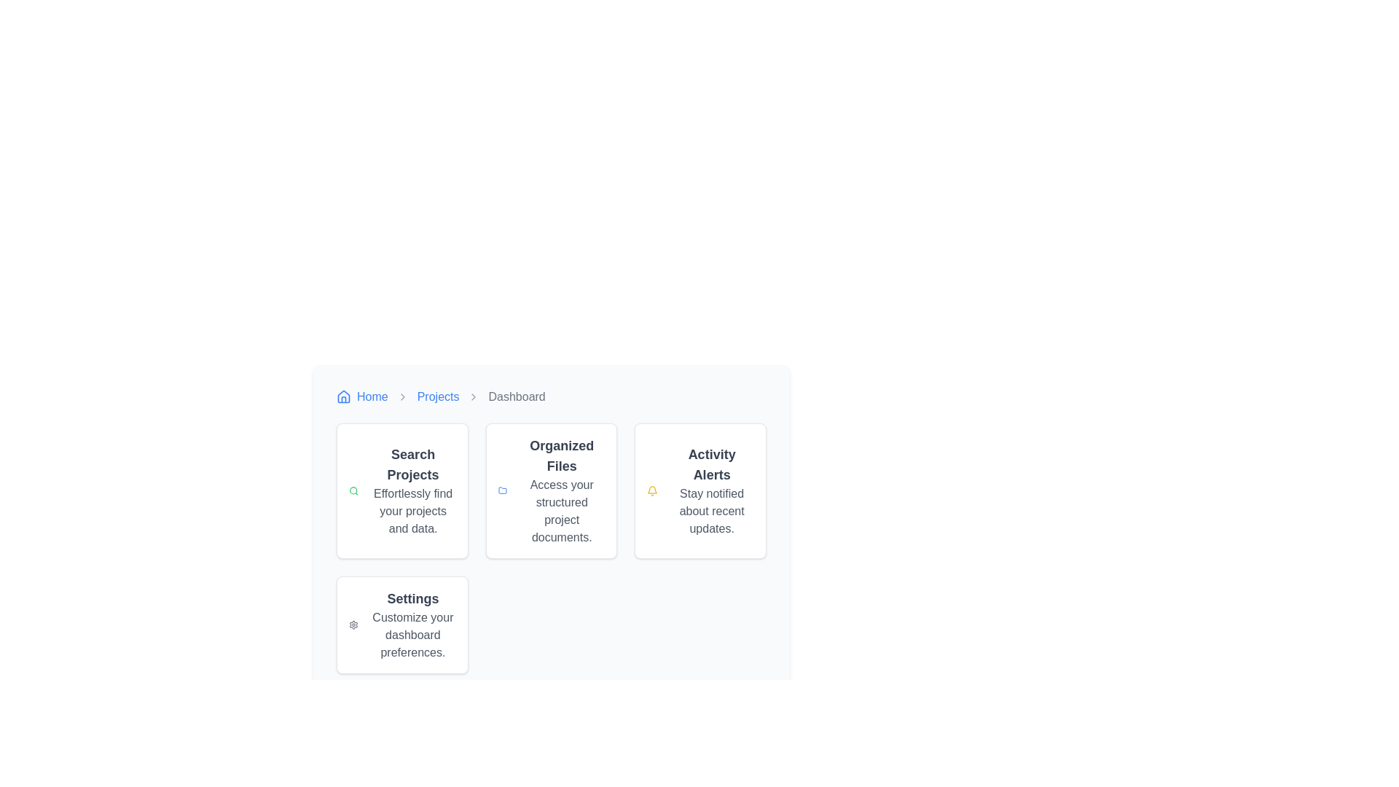  What do you see at coordinates (517, 396) in the screenshot?
I see `the 'Dashboard' descriptive label on the right side of the navigation bar, styled in gray, following 'Home' and 'Projects'` at bounding box center [517, 396].